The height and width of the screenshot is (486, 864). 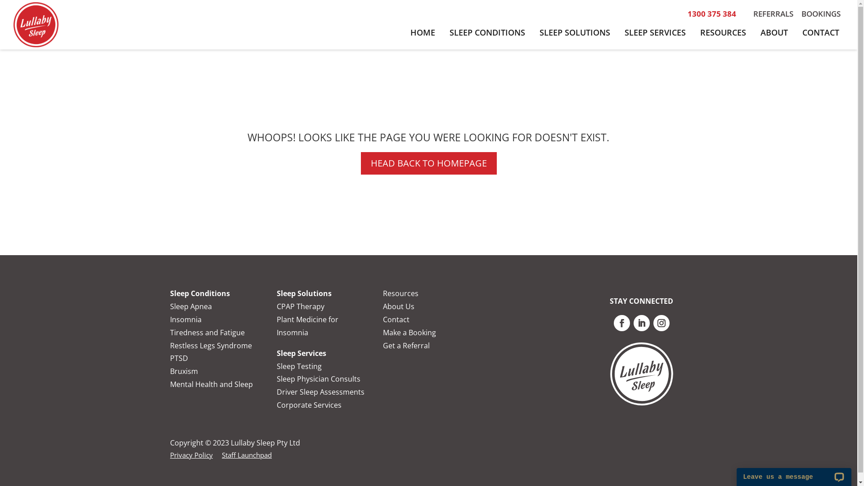 I want to click on 'Follow on Instagram', so click(x=661, y=322).